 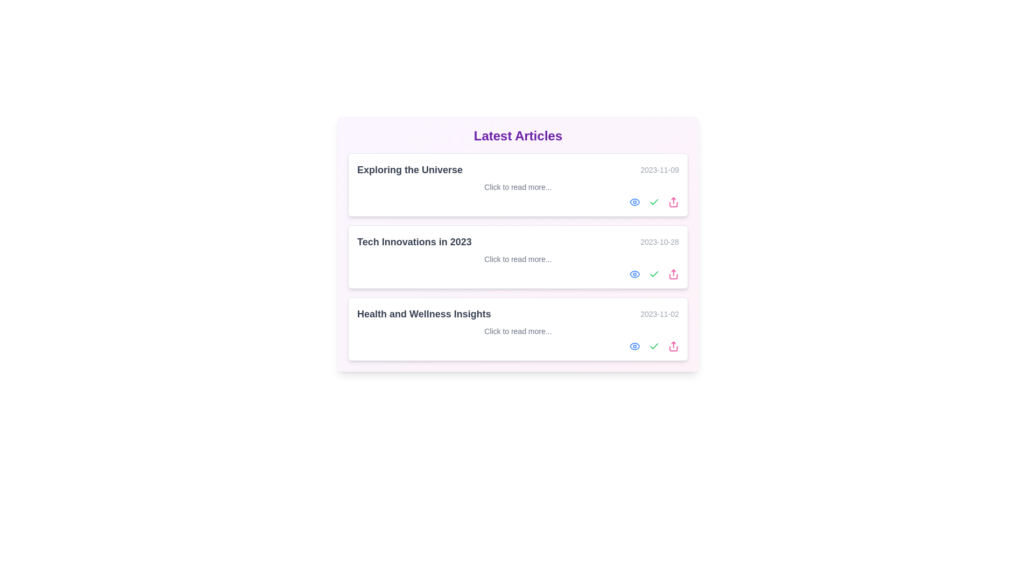 I want to click on 'Share' icon for the article titled Exploring the Universe, so click(x=673, y=202).